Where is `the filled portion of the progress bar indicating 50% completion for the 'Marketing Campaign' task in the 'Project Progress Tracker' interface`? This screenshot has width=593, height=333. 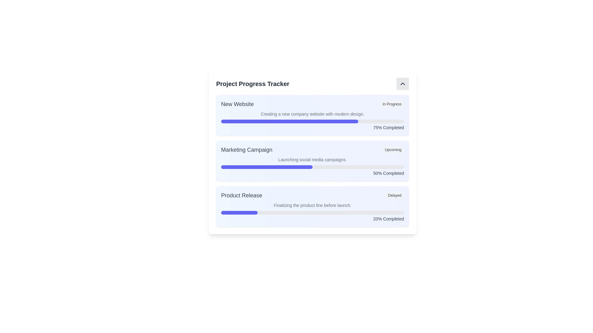 the filled portion of the progress bar indicating 50% completion for the 'Marketing Campaign' task in the 'Project Progress Tracker' interface is located at coordinates (267, 167).